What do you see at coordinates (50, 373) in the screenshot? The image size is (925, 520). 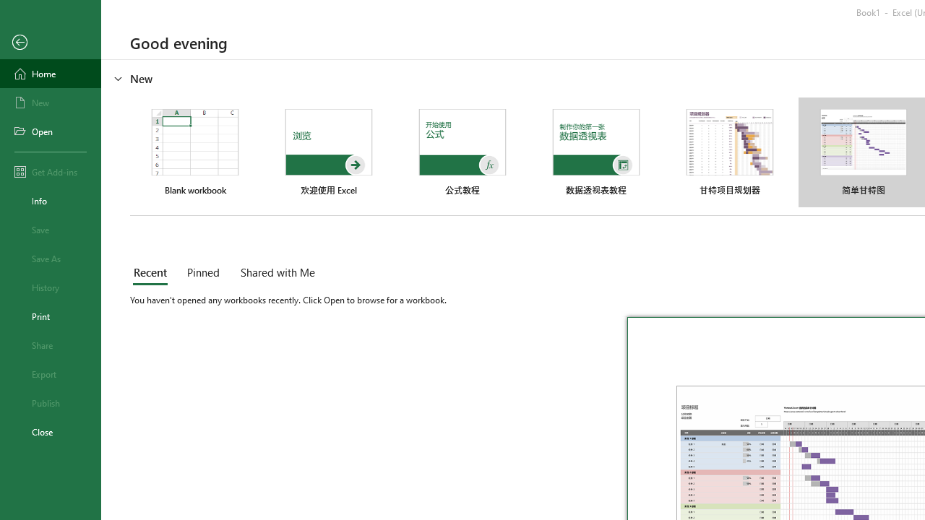 I see `'Export'` at bounding box center [50, 373].